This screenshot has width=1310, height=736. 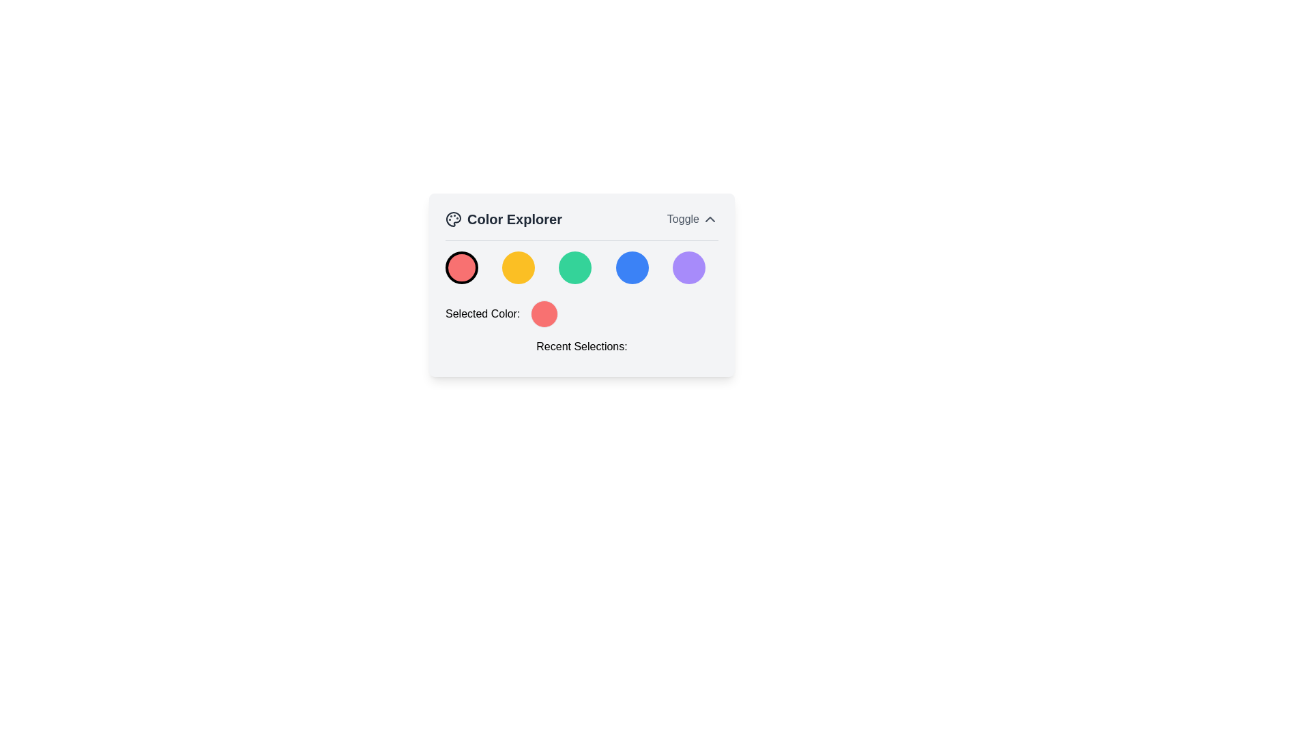 I want to click on the 'Color Explorer' label, which displays the text in a bold and large font and has a decorative palette icon on its left, so click(x=503, y=218).